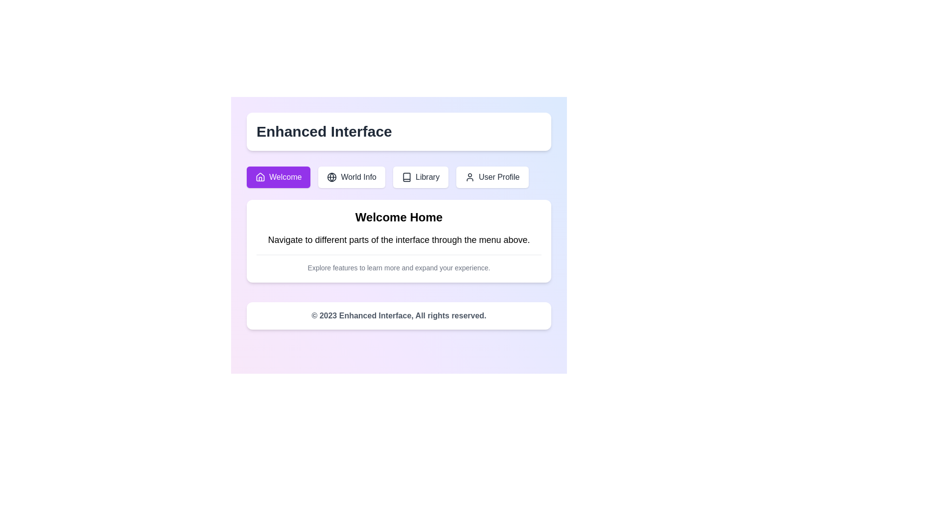 The height and width of the screenshot is (529, 940). I want to click on the 'Library' button in the navigation menu, which features a book icon and is the third button from the left, so click(427, 177).